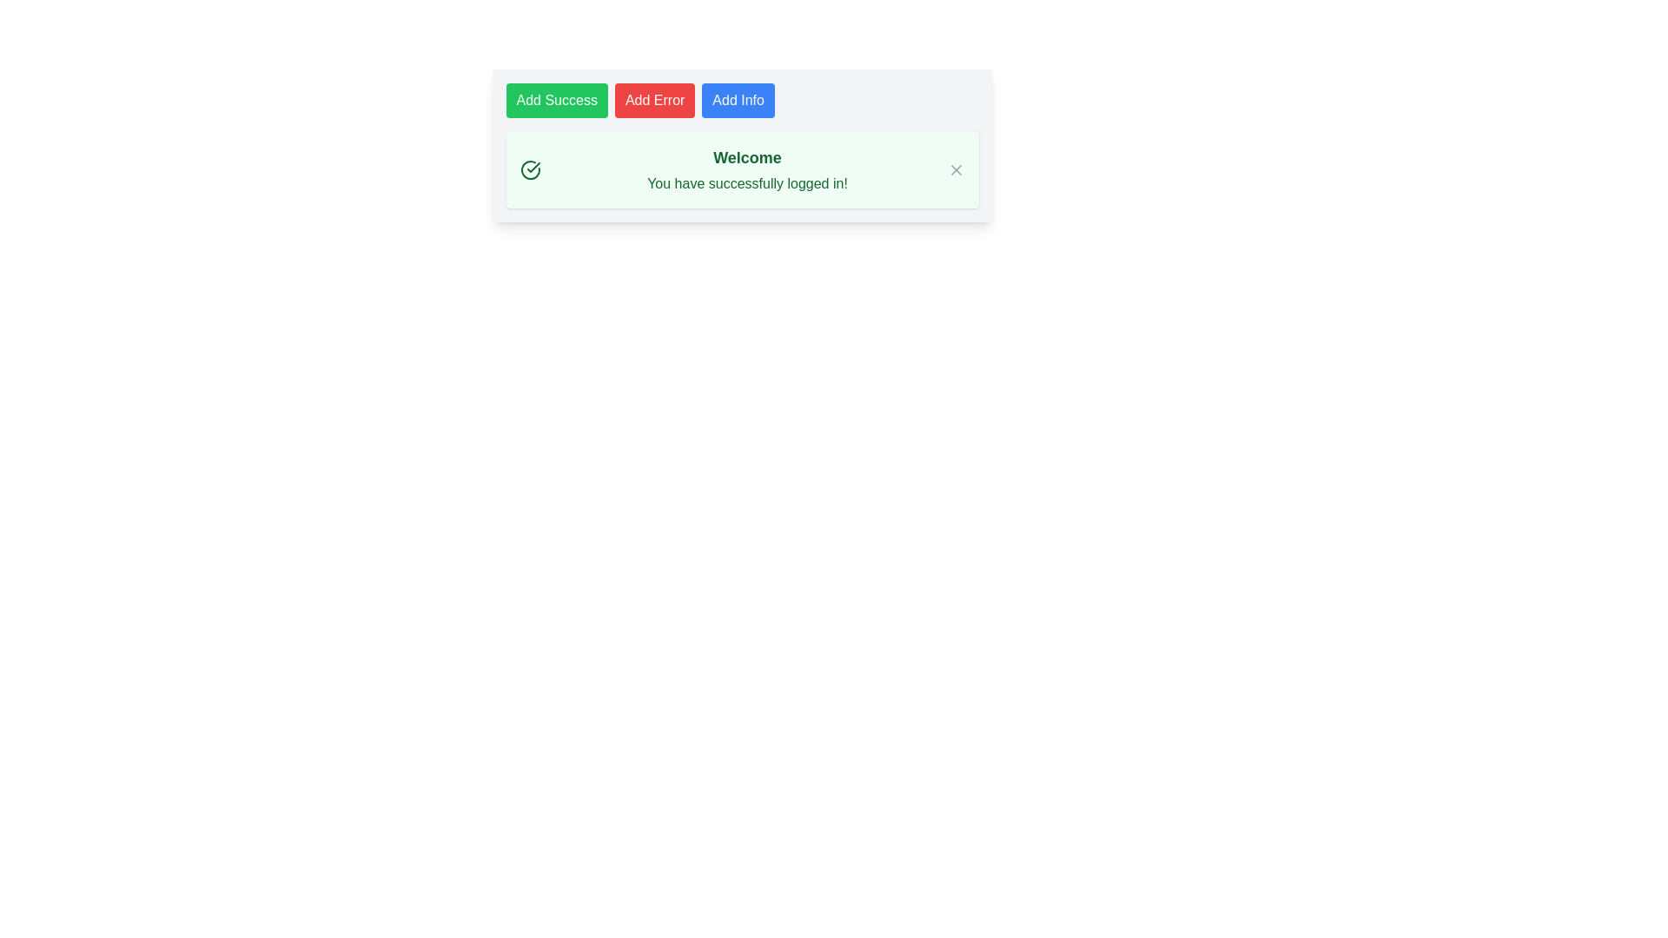 The width and height of the screenshot is (1668, 938). I want to click on the success message text label that indicates user login confirmation, located within the light green message box below the 'Welcome' heading, so click(747, 184).